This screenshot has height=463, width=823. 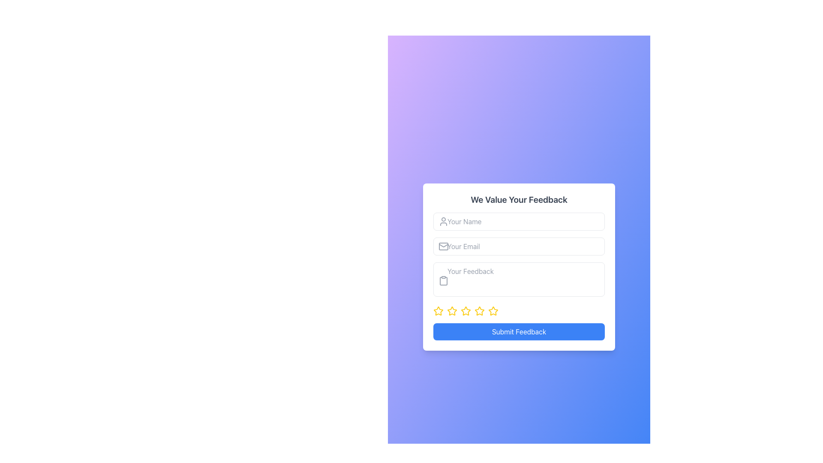 What do you see at coordinates (444, 281) in the screenshot?
I see `the clipboard icon, which is a decorative SVG element located inside the feedback form interface, near the 'Your Feedback' text input field` at bounding box center [444, 281].